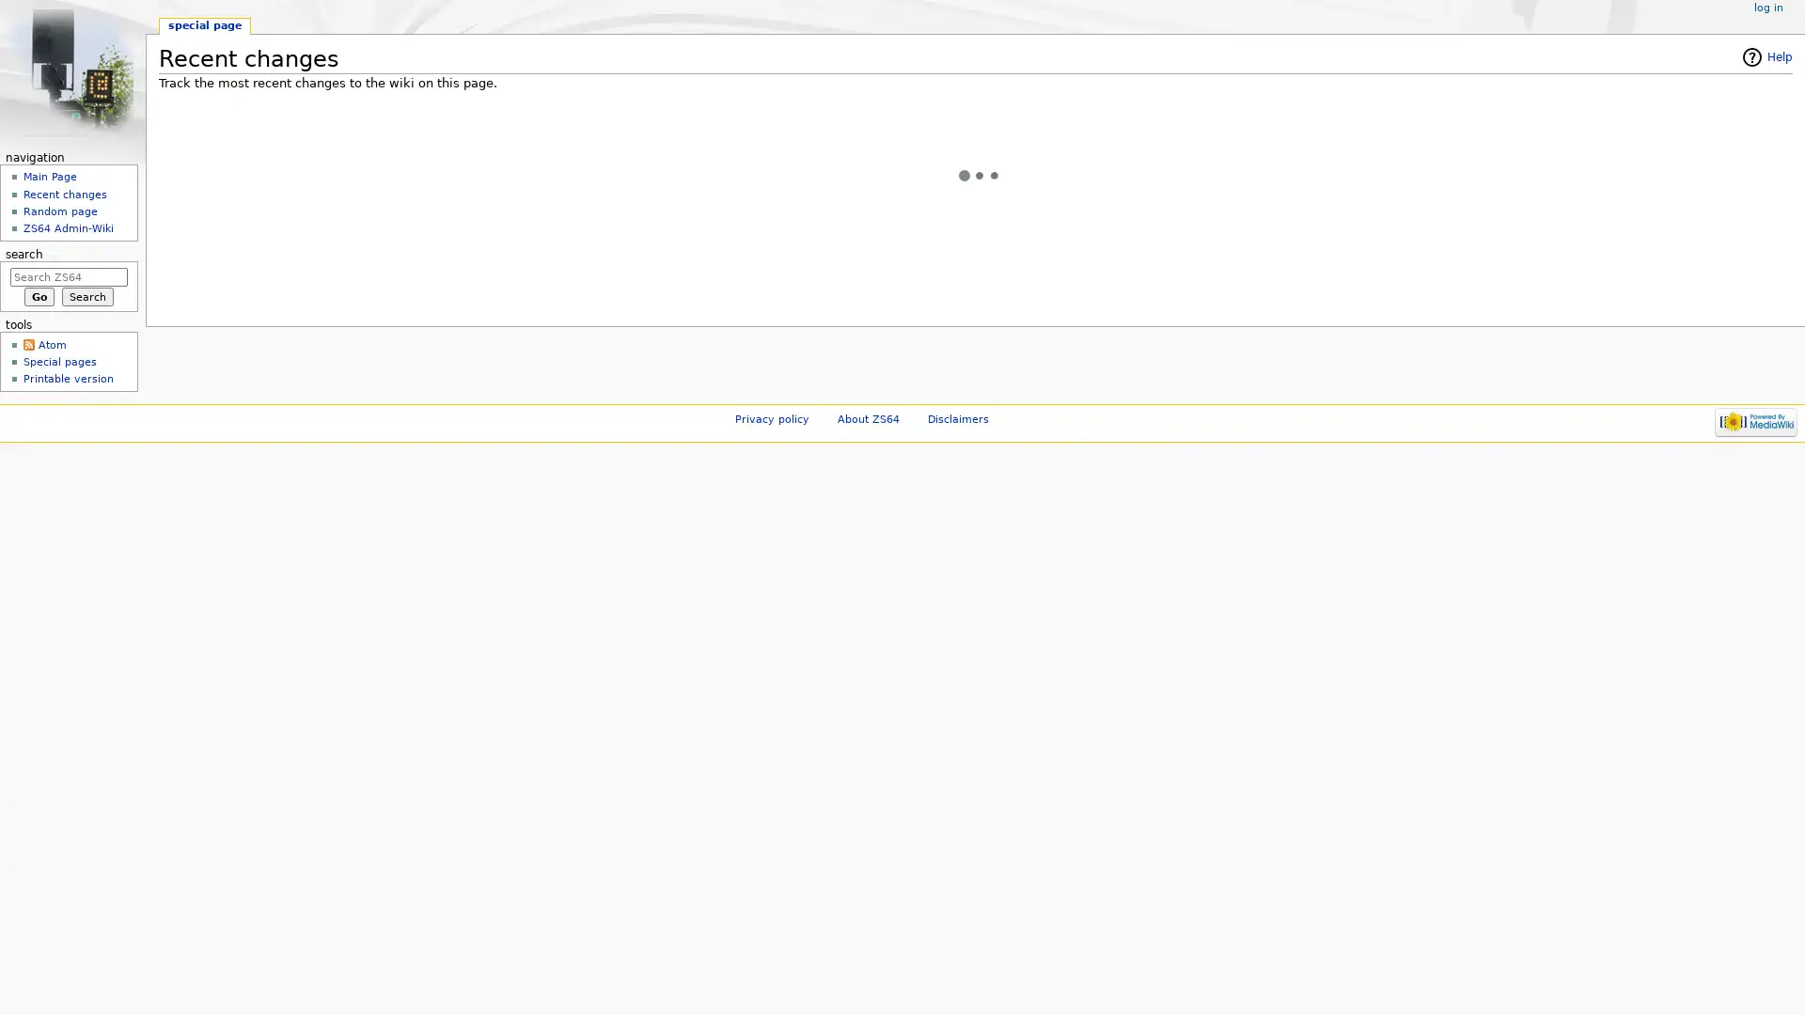  Describe the element at coordinates (39, 296) in the screenshot. I see `Go` at that location.